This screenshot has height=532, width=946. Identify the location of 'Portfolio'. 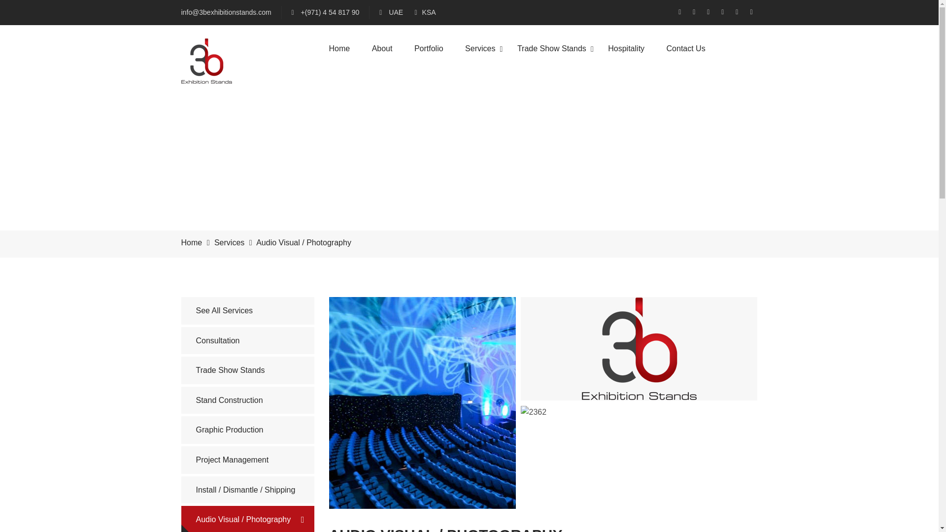
(414, 48).